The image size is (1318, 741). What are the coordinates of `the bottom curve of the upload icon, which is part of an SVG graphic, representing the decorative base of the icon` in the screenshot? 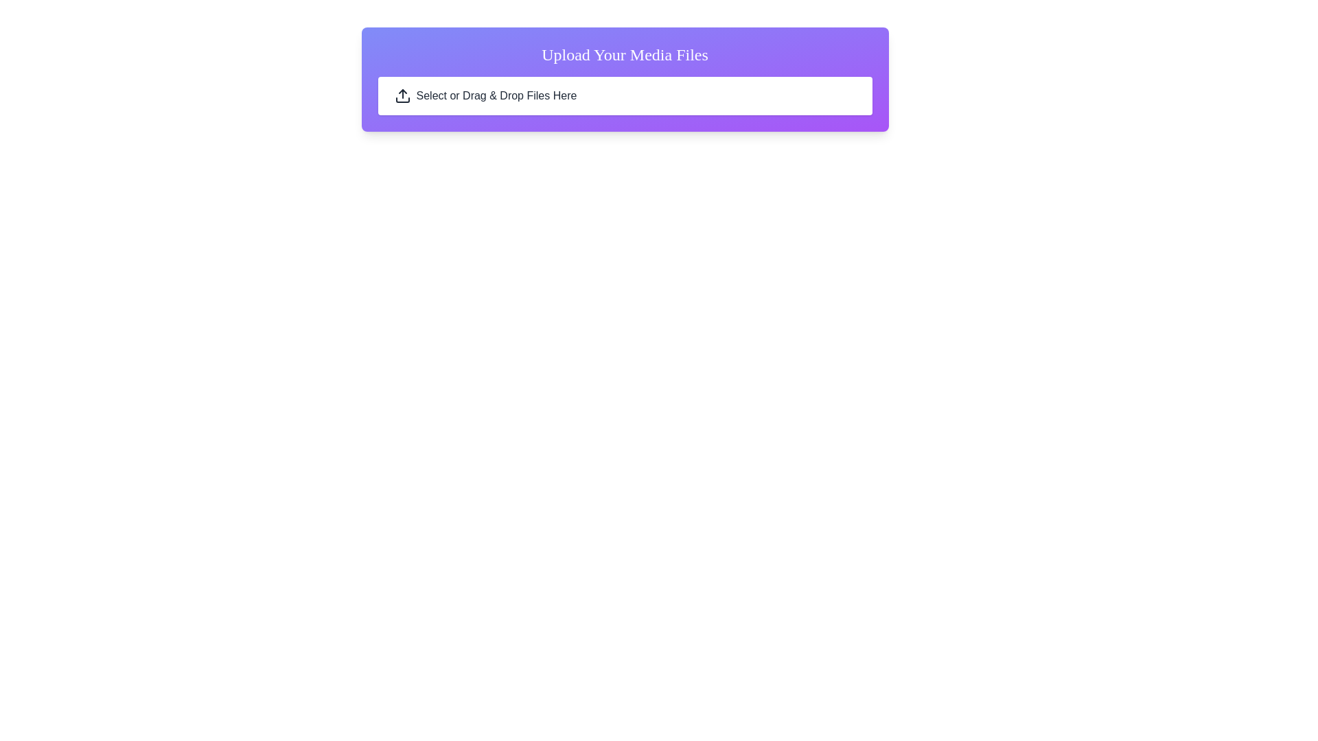 It's located at (402, 99).